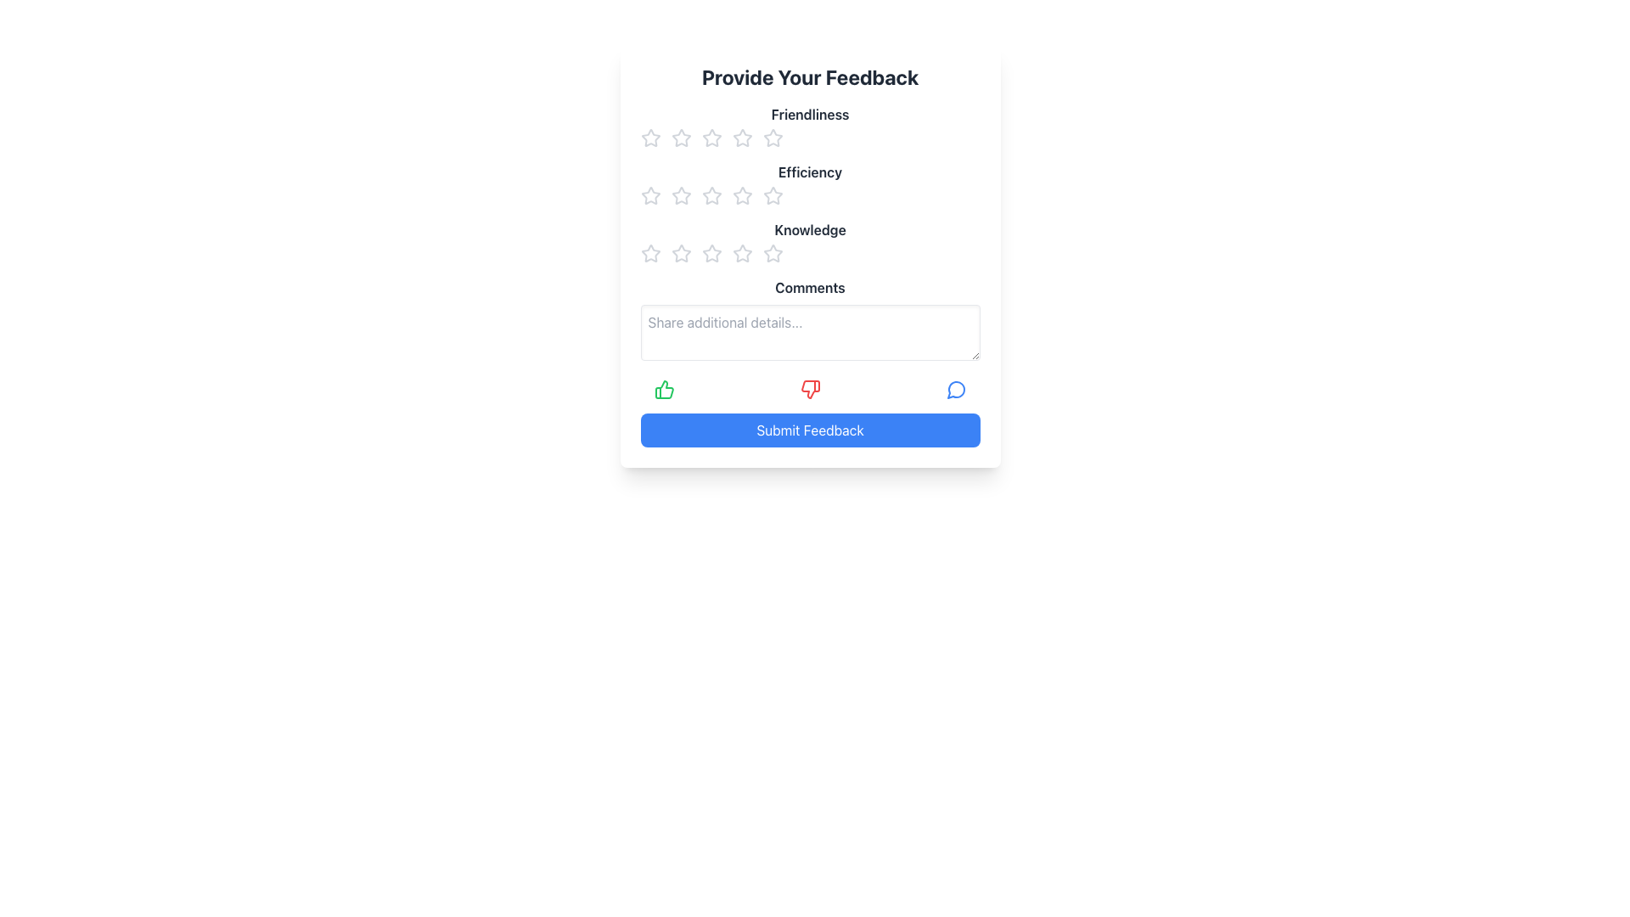 Image resolution: width=1630 pixels, height=917 pixels. I want to click on the first star rating icon for the 'Knowledge' feedback category to provide a one-star rating, so click(649, 254).